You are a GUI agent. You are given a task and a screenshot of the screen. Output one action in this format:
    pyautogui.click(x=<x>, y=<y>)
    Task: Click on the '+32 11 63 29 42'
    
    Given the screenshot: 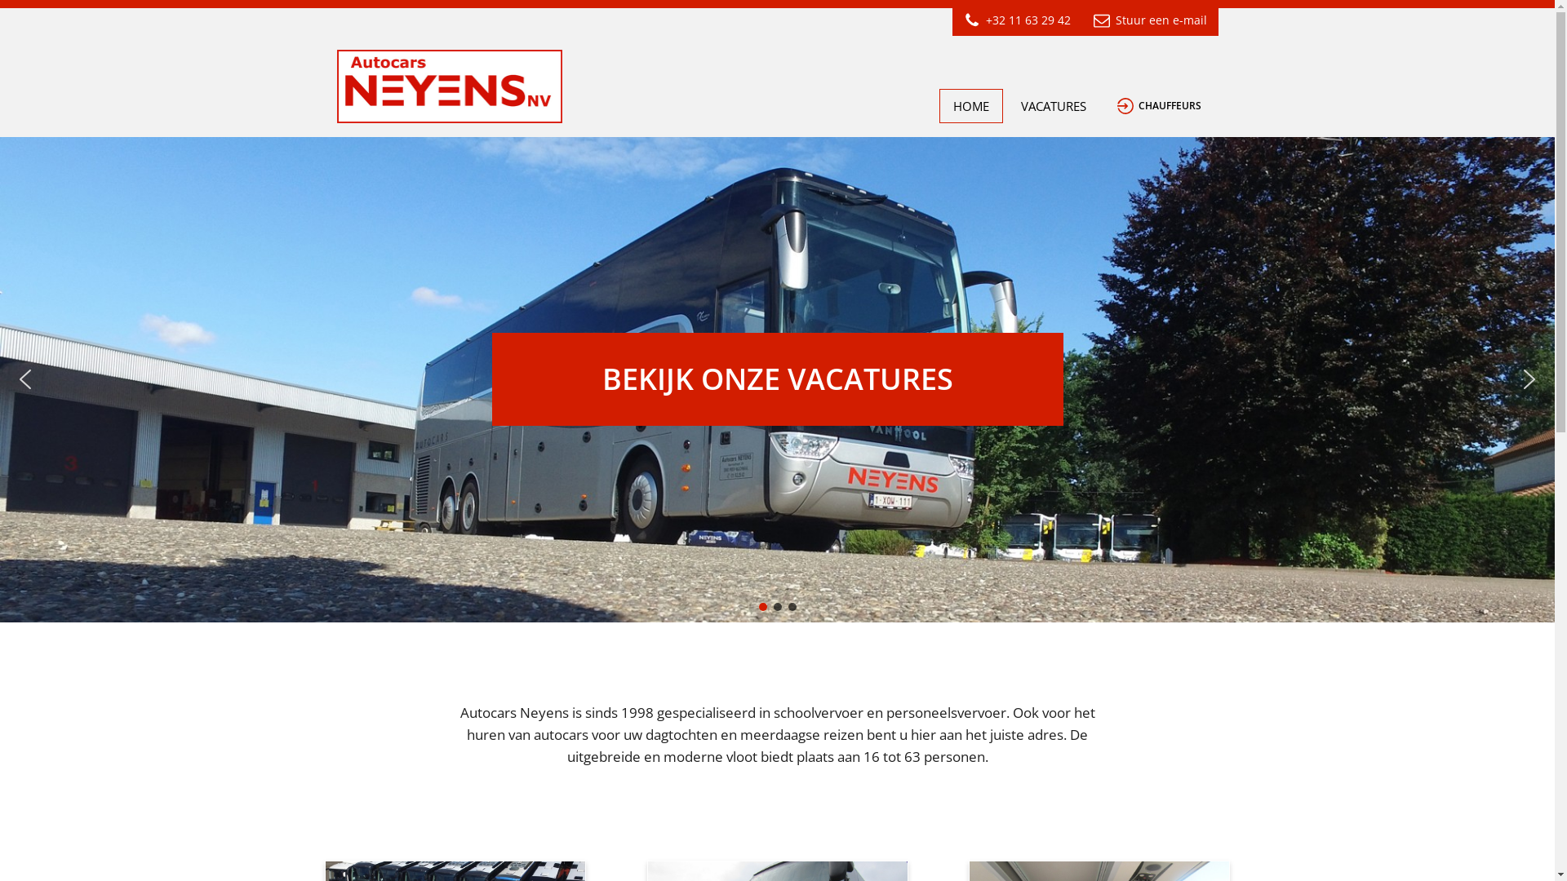 What is the action you would take?
    pyautogui.click(x=1015, y=20)
    